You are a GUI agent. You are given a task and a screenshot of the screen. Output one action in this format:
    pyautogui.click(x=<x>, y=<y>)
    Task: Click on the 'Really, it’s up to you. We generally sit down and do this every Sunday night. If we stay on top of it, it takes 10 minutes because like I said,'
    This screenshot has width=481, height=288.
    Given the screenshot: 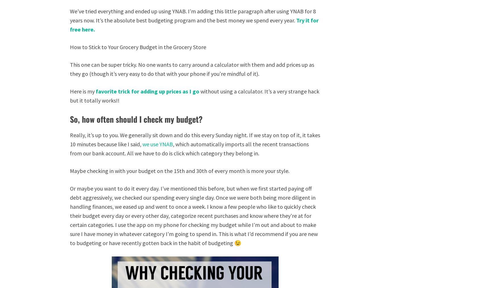 What is the action you would take?
    pyautogui.click(x=195, y=139)
    